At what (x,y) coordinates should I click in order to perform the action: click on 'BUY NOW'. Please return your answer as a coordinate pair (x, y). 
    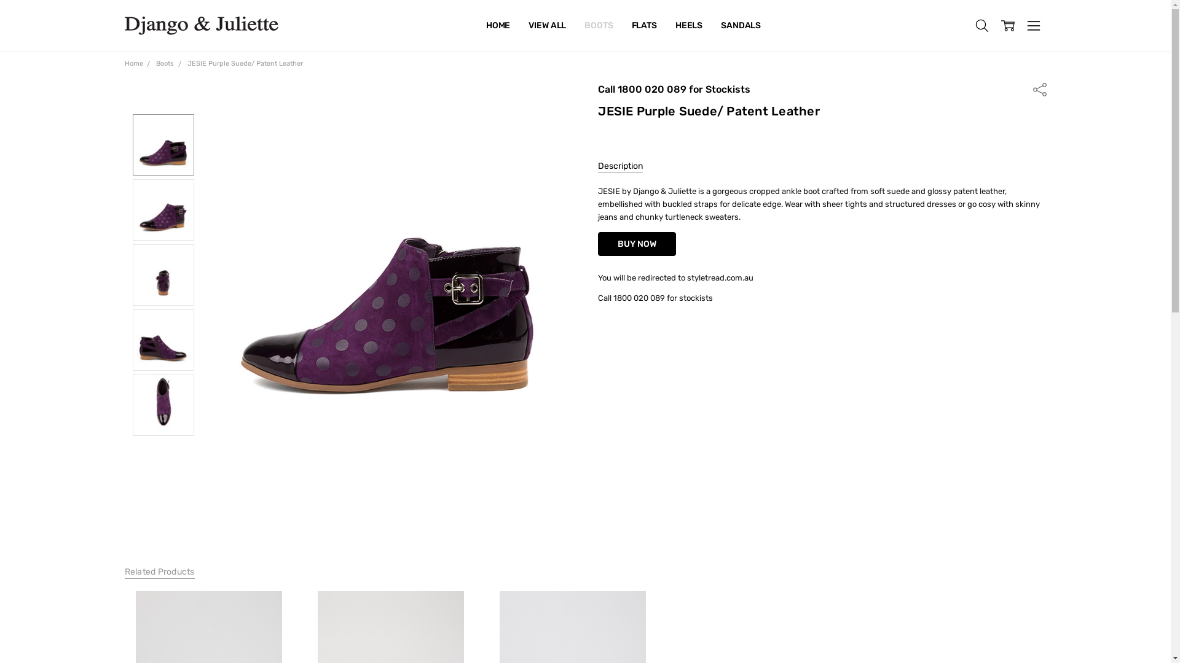
    Looking at the image, I should click on (637, 244).